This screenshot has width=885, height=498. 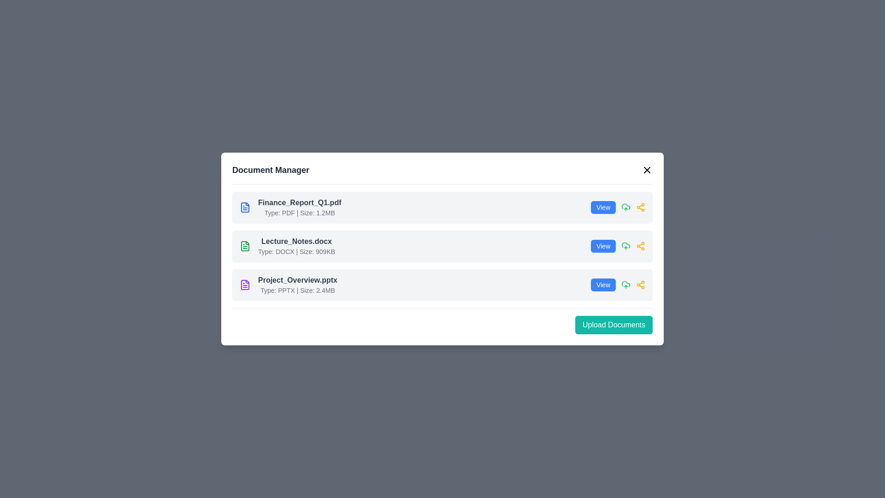 I want to click on the 'Lecture_Notes.docx' file item, so click(x=287, y=245).